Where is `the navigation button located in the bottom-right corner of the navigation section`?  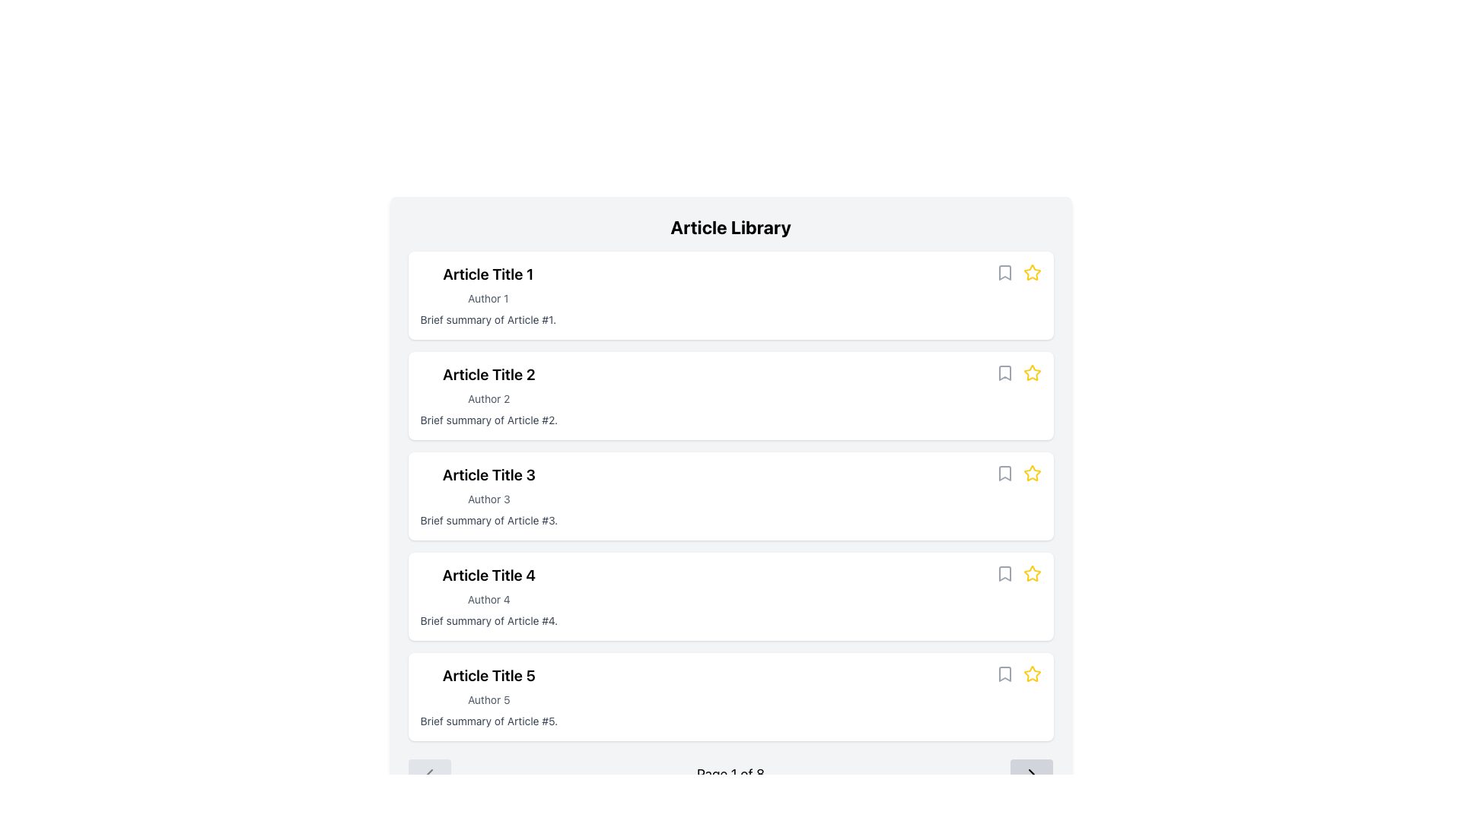
the navigation button located in the bottom-right corner of the navigation section is located at coordinates (1032, 774).